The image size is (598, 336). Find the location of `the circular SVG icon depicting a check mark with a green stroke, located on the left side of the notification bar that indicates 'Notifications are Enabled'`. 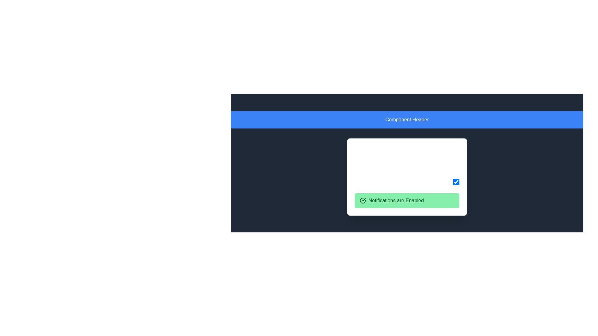

the circular SVG icon depicting a check mark with a green stroke, located on the left side of the notification bar that indicates 'Notifications are Enabled' is located at coordinates (363, 200).